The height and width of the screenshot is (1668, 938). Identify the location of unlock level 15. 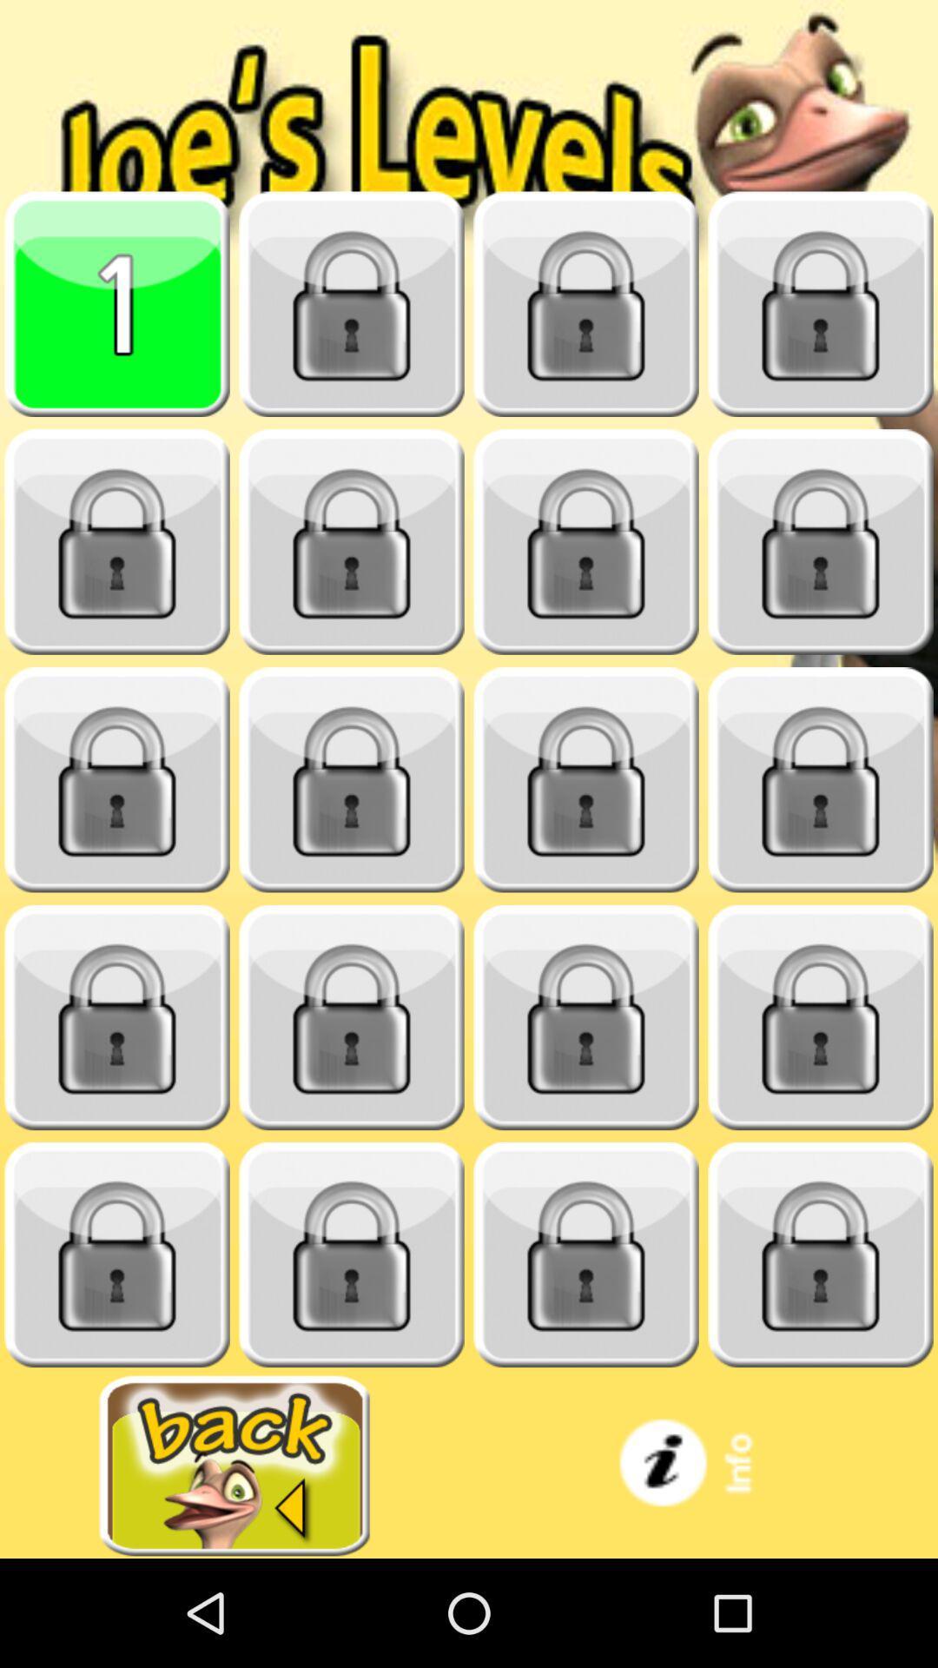
(586, 1017).